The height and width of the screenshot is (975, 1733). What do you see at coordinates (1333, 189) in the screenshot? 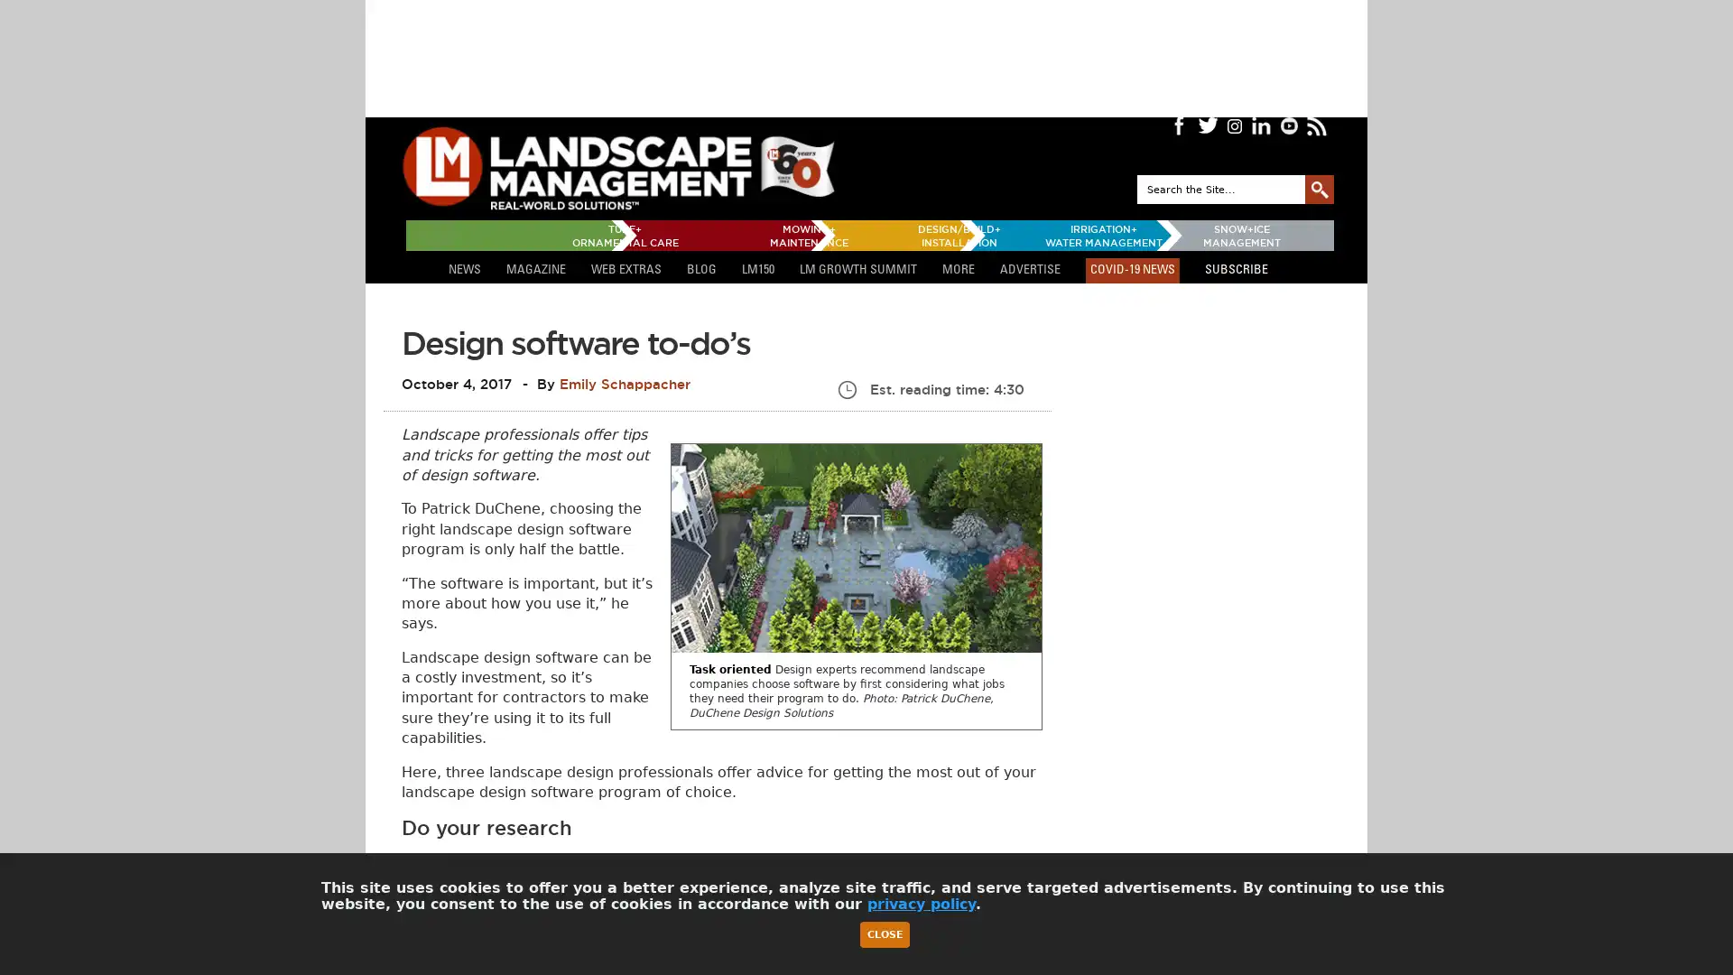
I see `GO` at bounding box center [1333, 189].